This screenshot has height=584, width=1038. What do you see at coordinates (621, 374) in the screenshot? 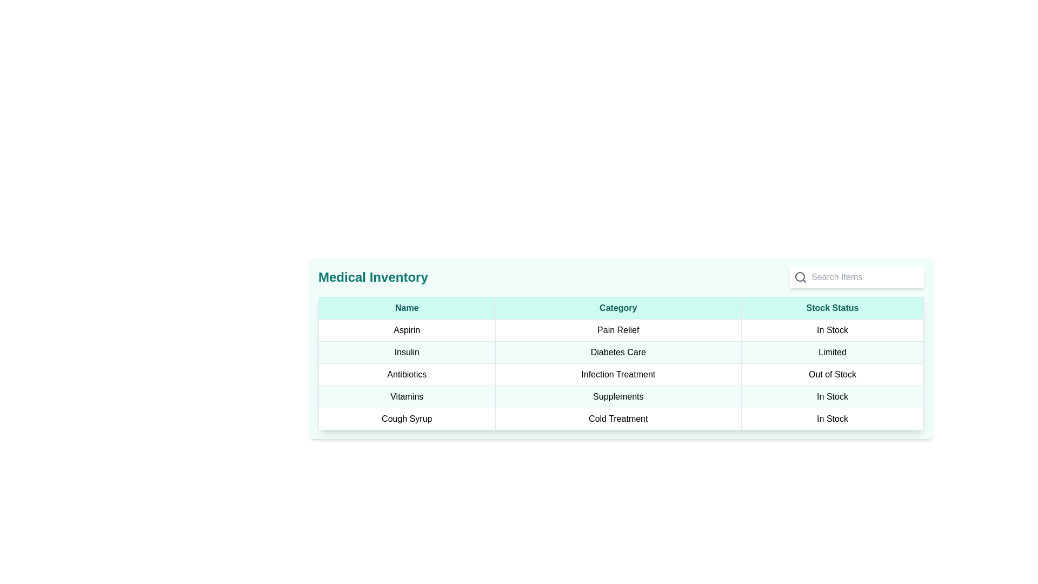
I see `the third row of the table representing 'Antibiotics' in the 'Name' column, 'Infection Treatment' in the 'Category' column, and 'Out of Stock' in the 'Stock Status' column` at bounding box center [621, 374].